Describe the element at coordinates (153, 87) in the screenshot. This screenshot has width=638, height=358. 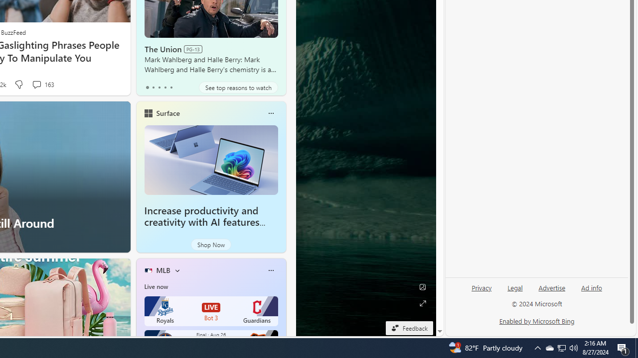
I see `'tab-1'` at that location.